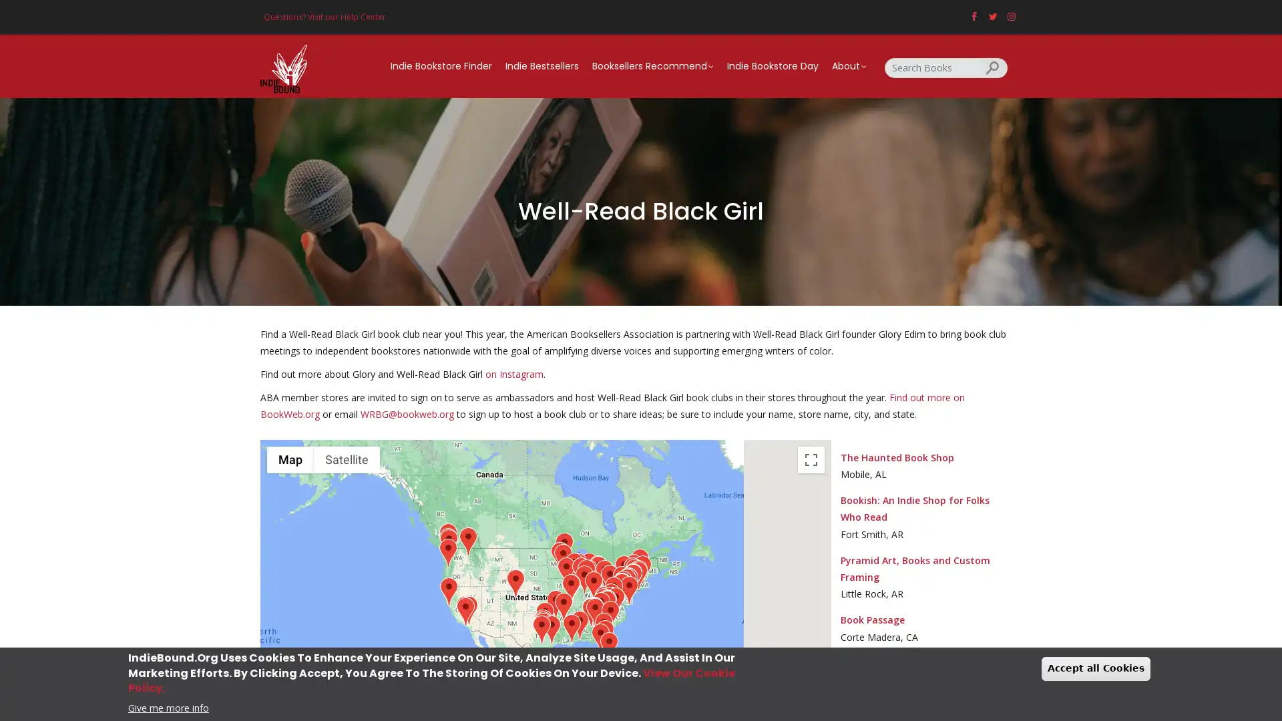 This screenshot has height=721, width=1282. Describe the element at coordinates (1096, 668) in the screenshot. I see `Accept all Cookies` at that location.